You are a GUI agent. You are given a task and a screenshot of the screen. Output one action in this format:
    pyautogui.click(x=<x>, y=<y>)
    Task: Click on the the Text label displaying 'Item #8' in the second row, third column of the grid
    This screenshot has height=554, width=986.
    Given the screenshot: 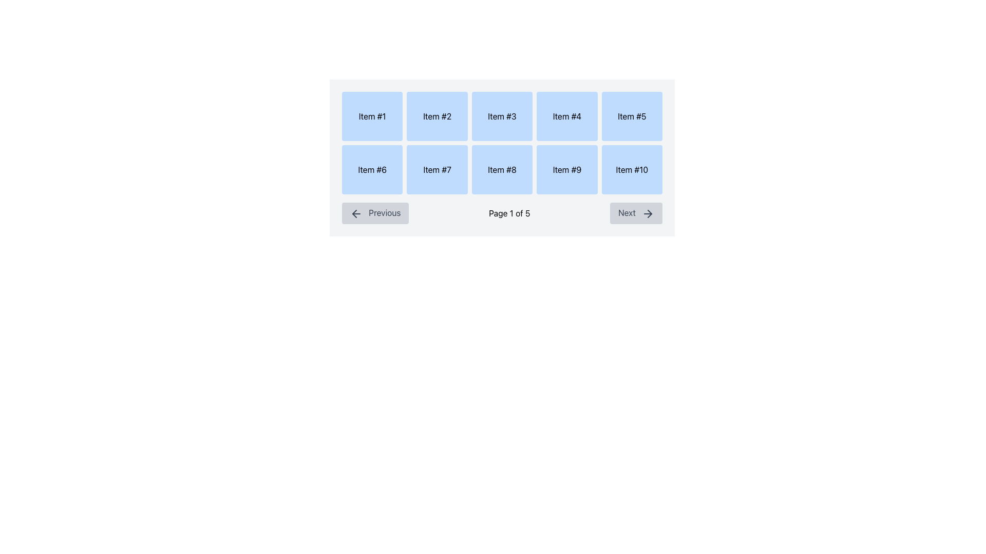 What is the action you would take?
    pyautogui.click(x=502, y=169)
    